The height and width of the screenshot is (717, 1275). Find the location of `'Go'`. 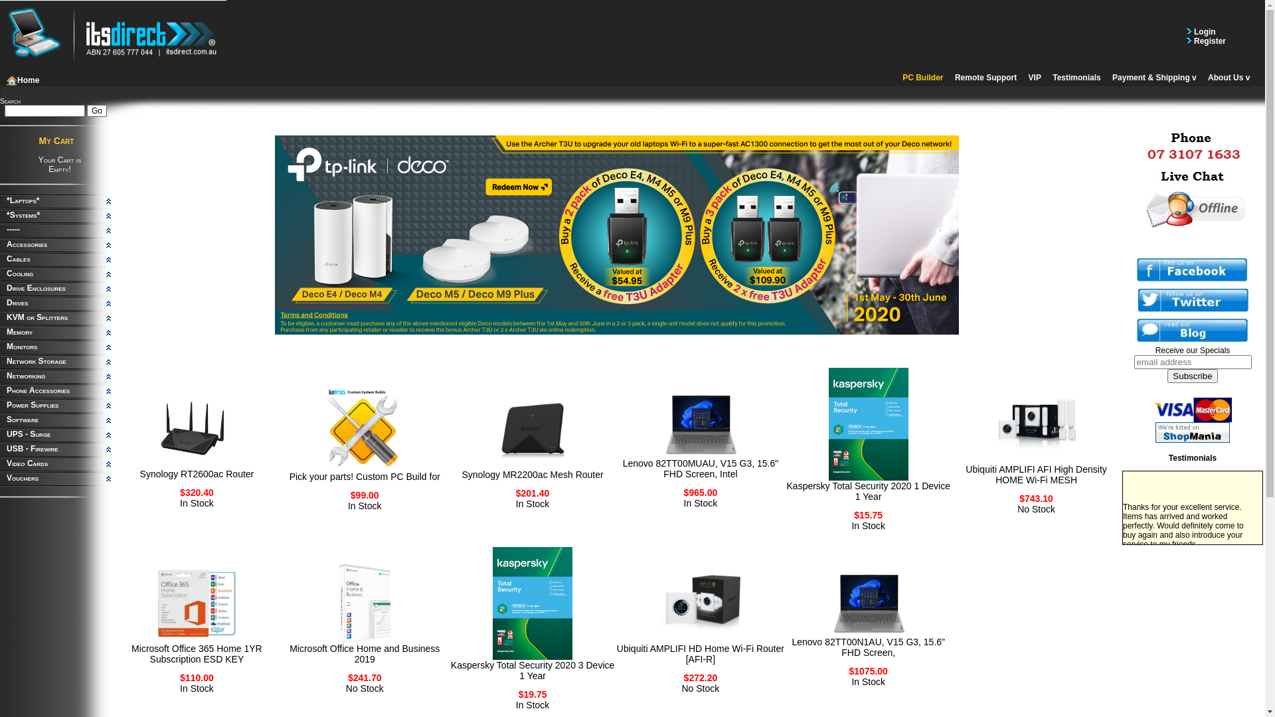

'Go' is located at coordinates (96, 110).